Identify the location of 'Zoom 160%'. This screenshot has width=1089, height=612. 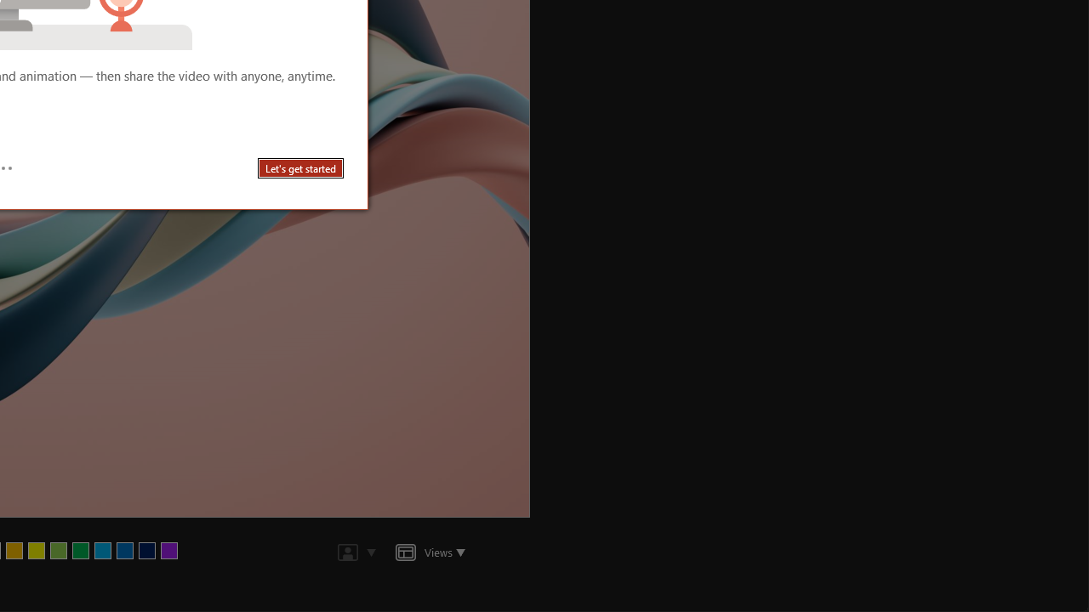
(1049, 569).